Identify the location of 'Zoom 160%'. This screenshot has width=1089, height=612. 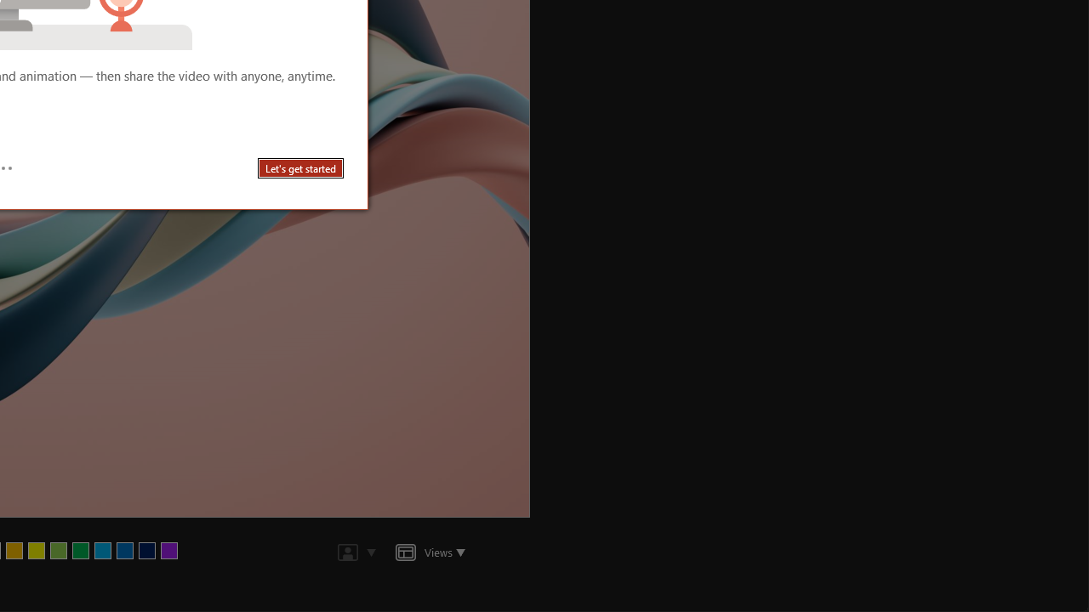
(1049, 569).